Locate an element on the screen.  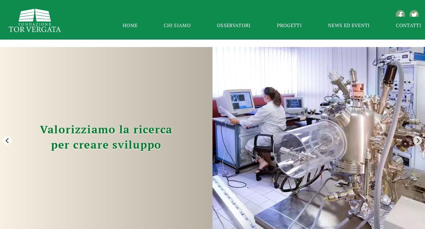
'Beniamino Quintieri è il nuovo Presidente del Consiglio d’Amministrazione dell’Istituto per il Credito Sportivo, nominato dal Ministro per lo Sport e i Giovani, di concerto con il Ministro dell’Economia e delle Finanze, acquisita l’intesa del Ministro della Cultura.' is located at coordinates (226, 145).